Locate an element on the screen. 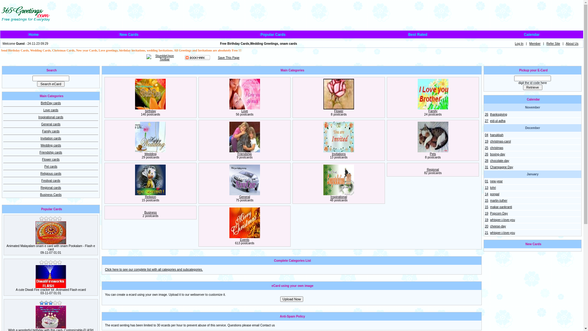  'Pets' is located at coordinates (433, 154).